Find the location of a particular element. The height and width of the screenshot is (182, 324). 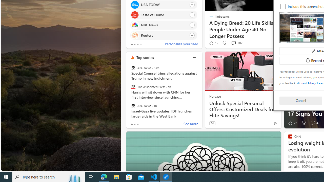

'Type here to search' is located at coordinates (49, 176).